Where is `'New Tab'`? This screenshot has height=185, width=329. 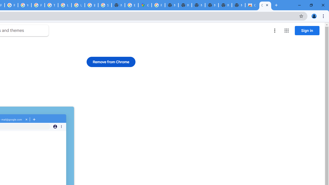 'New Tab' is located at coordinates (238, 5).